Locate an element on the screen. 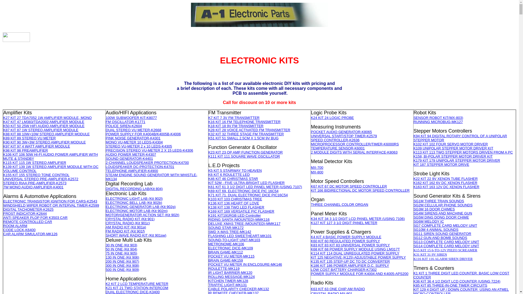  'KIT 187 STEPPER MOTOR DRIVE' is located at coordinates (441, 164).